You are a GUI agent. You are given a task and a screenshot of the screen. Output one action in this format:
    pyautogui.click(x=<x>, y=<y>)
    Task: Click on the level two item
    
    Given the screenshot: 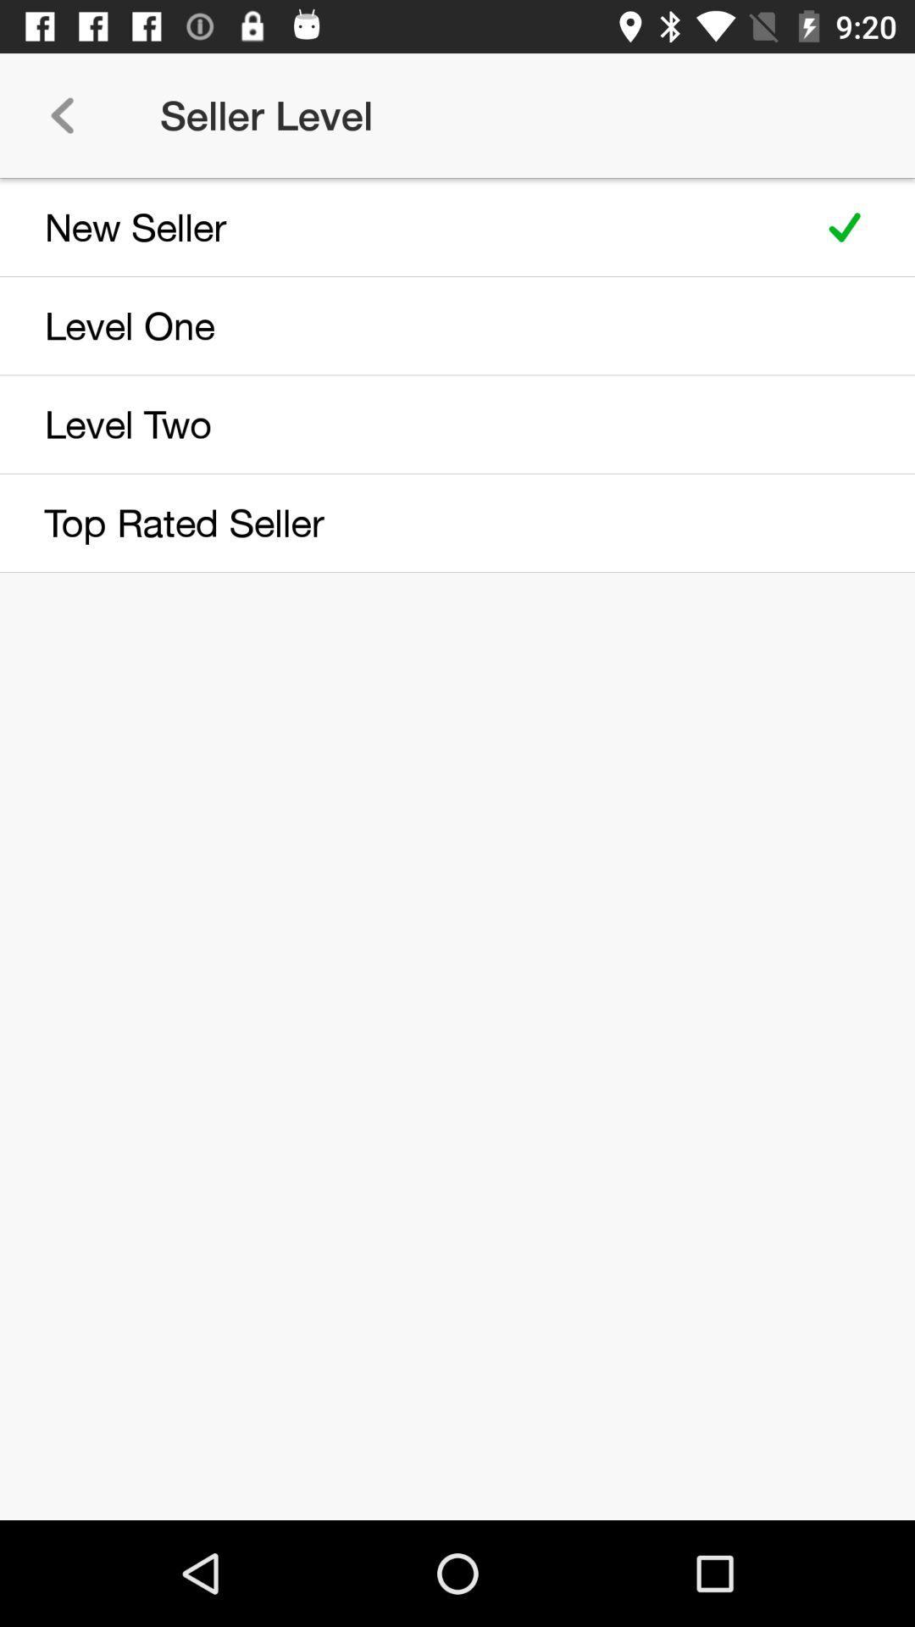 What is the action you would take?
    pyautogui.click(x=400, y=424)
    